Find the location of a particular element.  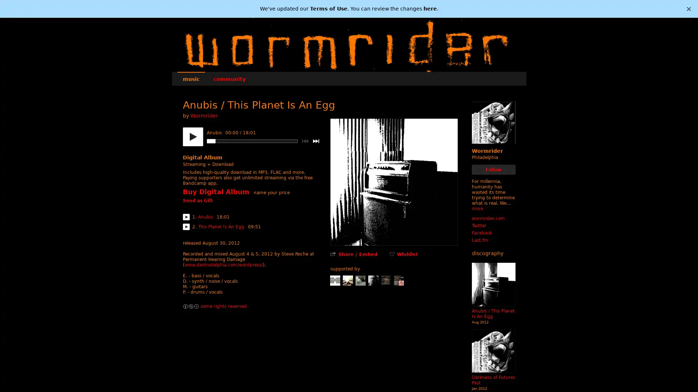

Buy Digital Album is located at coordinates (215, 191).